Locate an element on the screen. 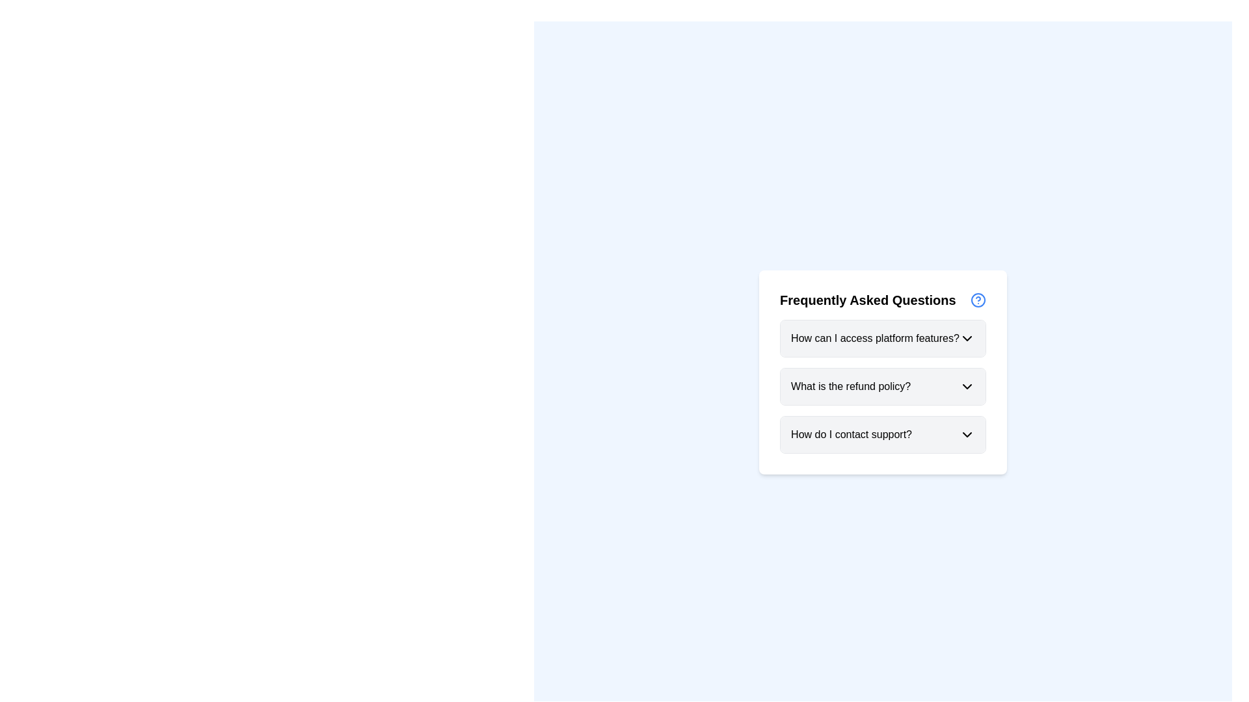 The image size is (1249, 702). the Vector graphics circle that signifies additional help or information in the 'Frequently Asked Questions' section, located in the upper-right corner of the header is located at coordinates (978, 300).